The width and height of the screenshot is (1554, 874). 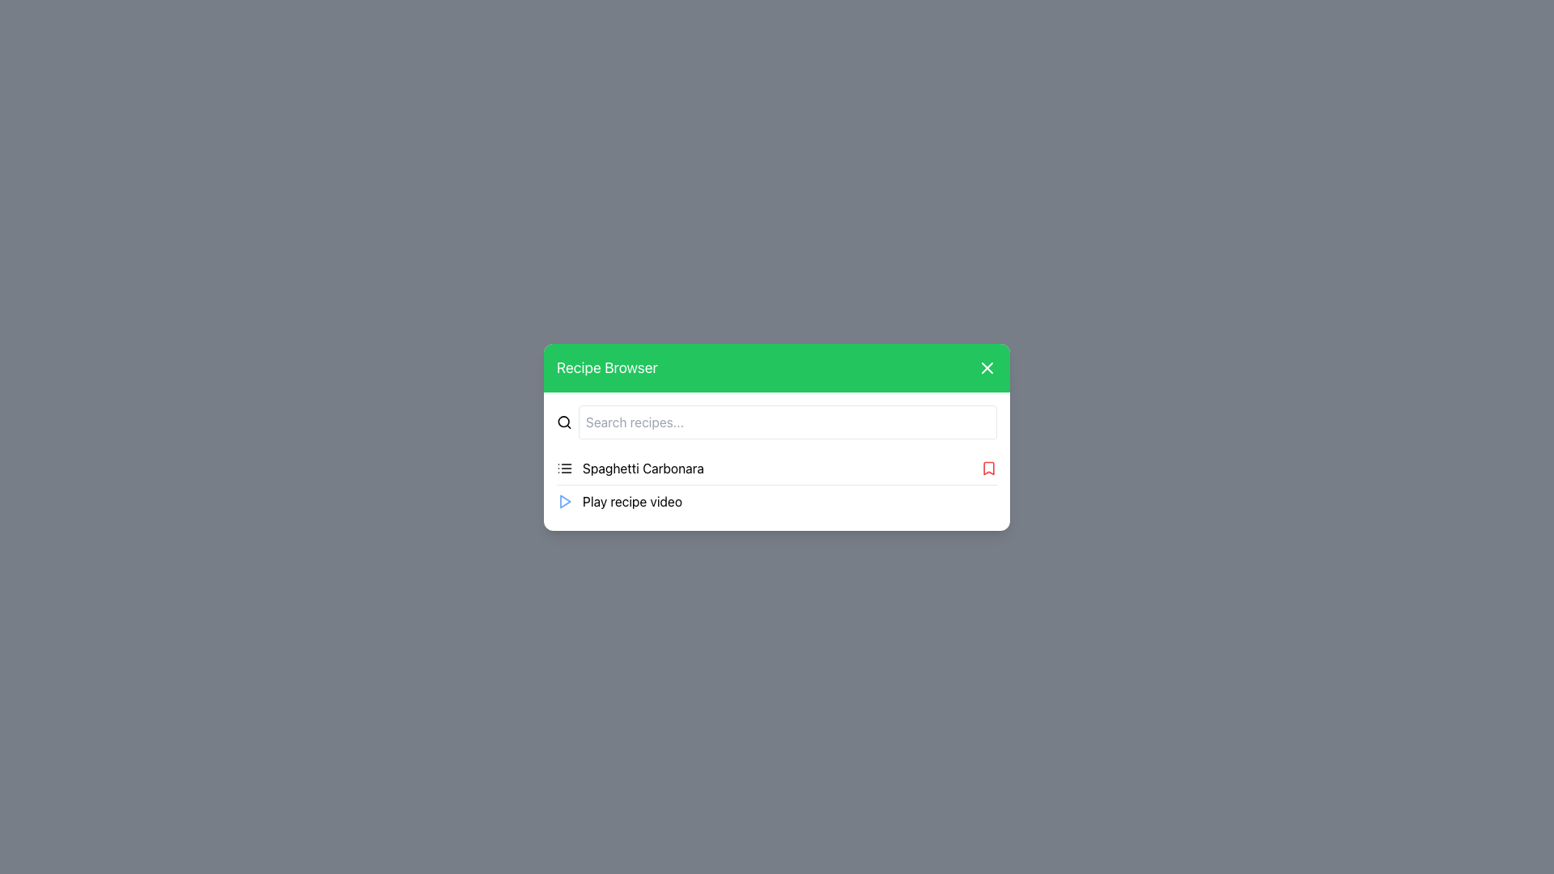 I want to click on the static text element that describes the action of playing a recipe video, located immediately to the right of the play button icon, so click(x=631, y=500).